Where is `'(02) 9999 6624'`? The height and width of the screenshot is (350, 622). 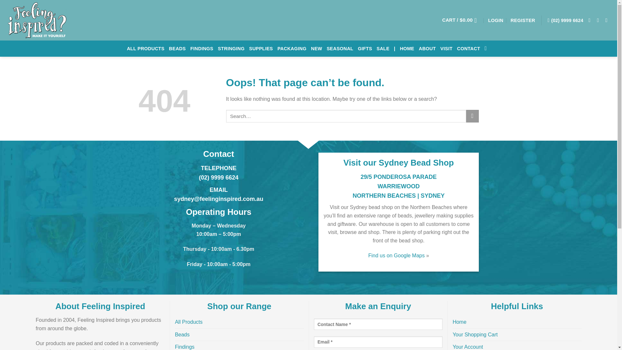
'(02) 9999 6624' is located at coordinates (565, 20).